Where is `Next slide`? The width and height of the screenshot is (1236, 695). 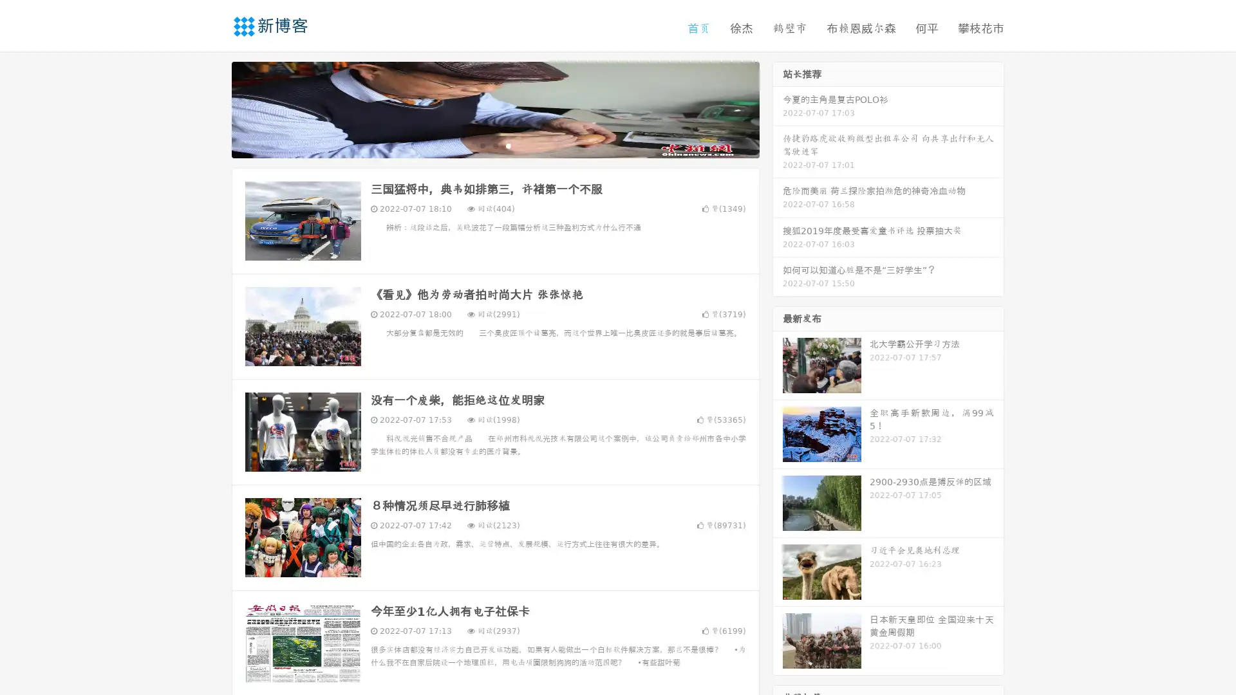
Next slide is located at coordinates (778, 108).